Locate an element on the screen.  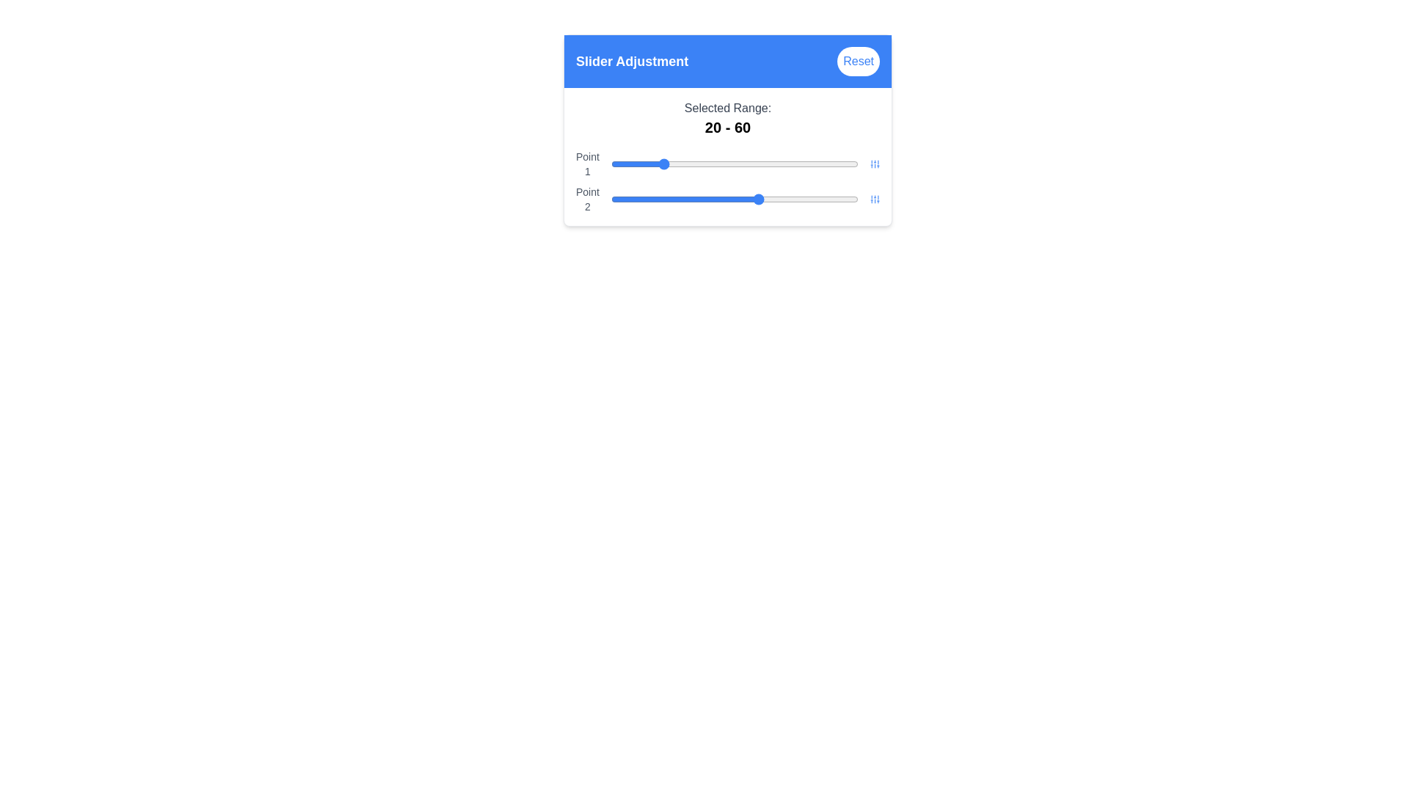
the horizontal range slider labeled 'Point 1' is located at coordinates (735, 164).